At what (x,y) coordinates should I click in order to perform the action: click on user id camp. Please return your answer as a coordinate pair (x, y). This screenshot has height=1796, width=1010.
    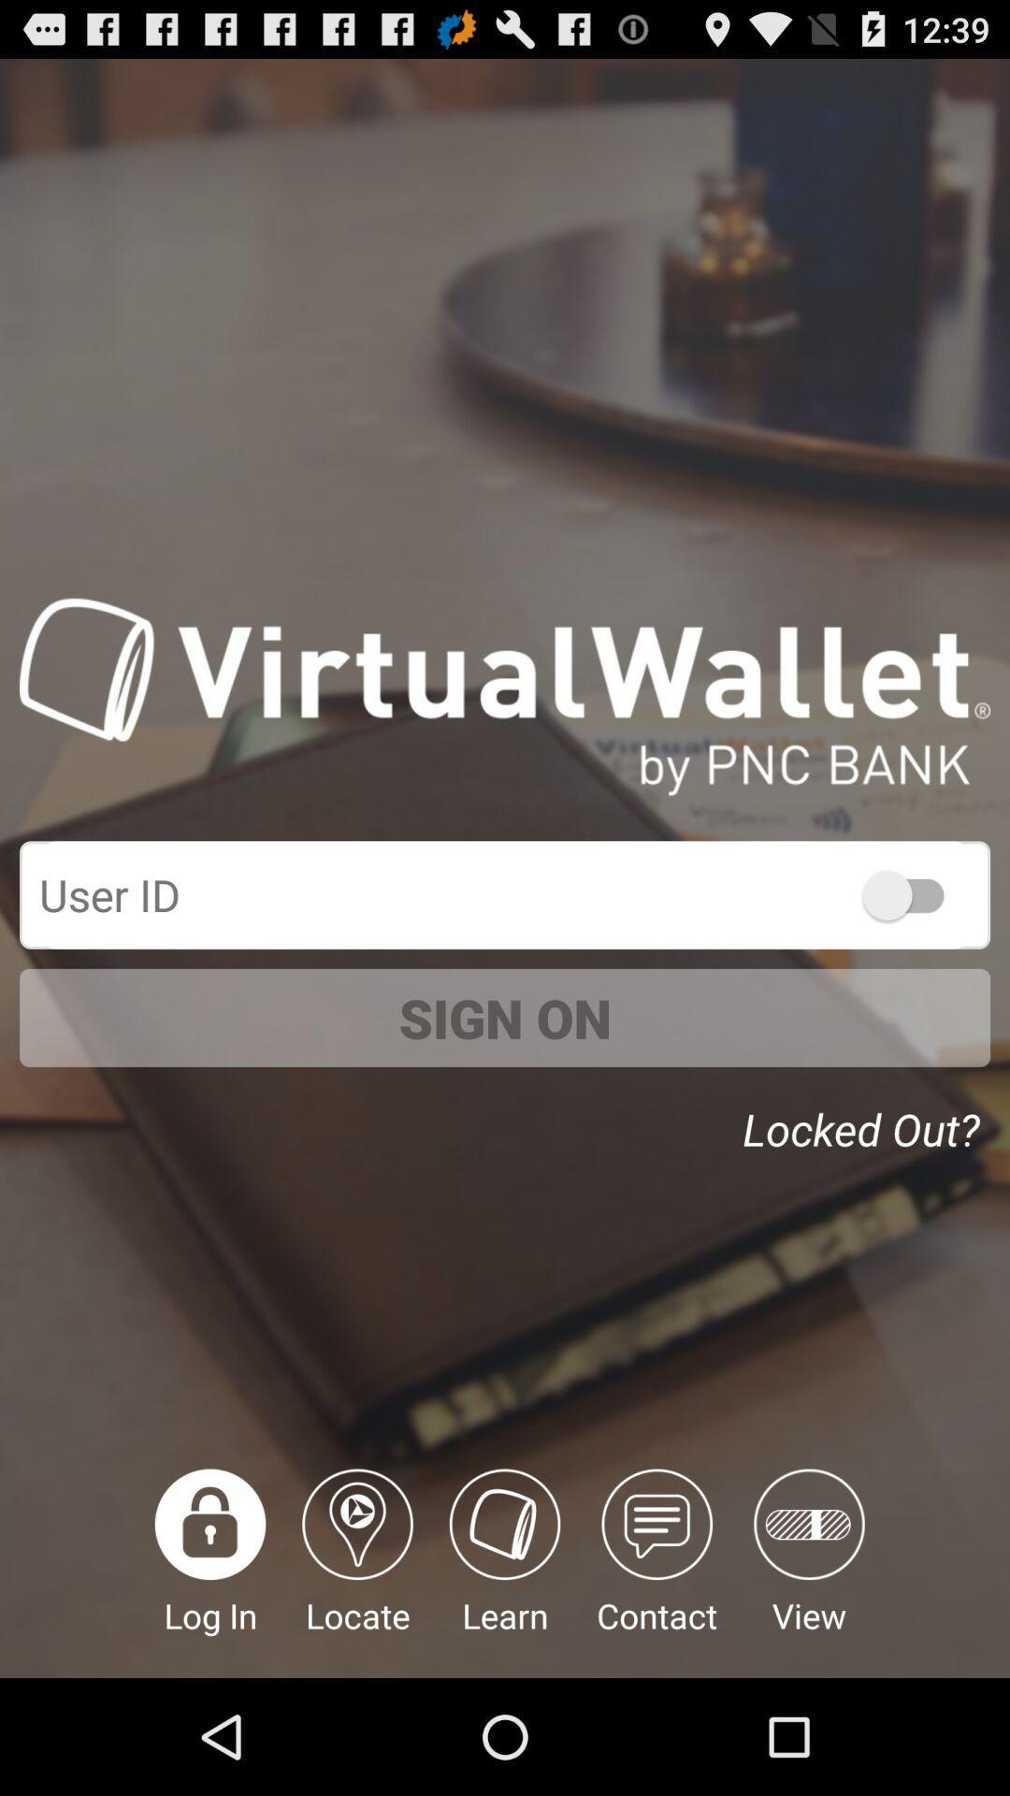
    Looking at the image, I should click on (505, 893).